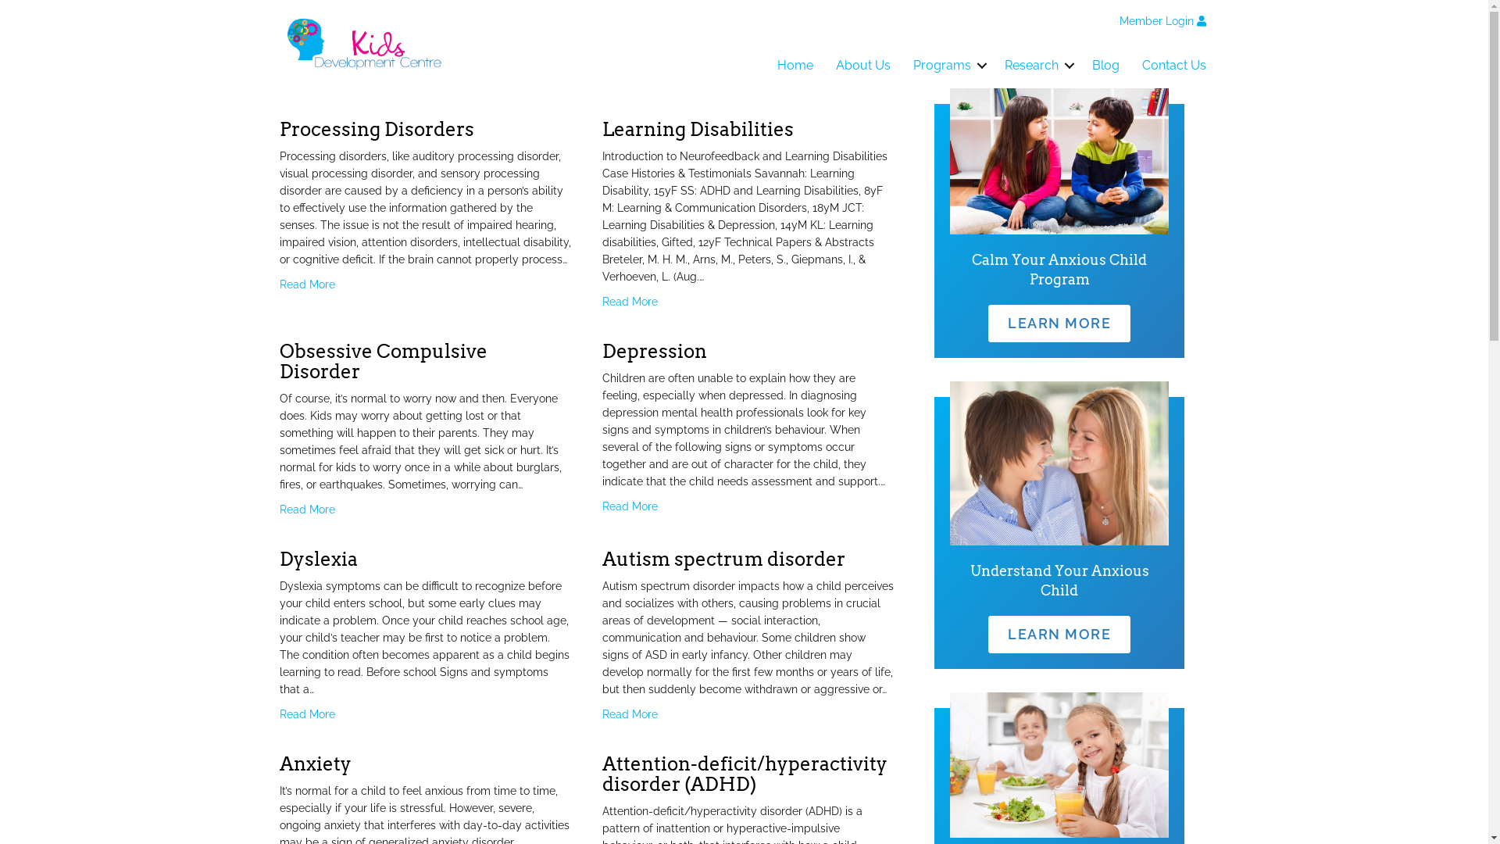  I want to click on 'About Us', so click(862, 65).